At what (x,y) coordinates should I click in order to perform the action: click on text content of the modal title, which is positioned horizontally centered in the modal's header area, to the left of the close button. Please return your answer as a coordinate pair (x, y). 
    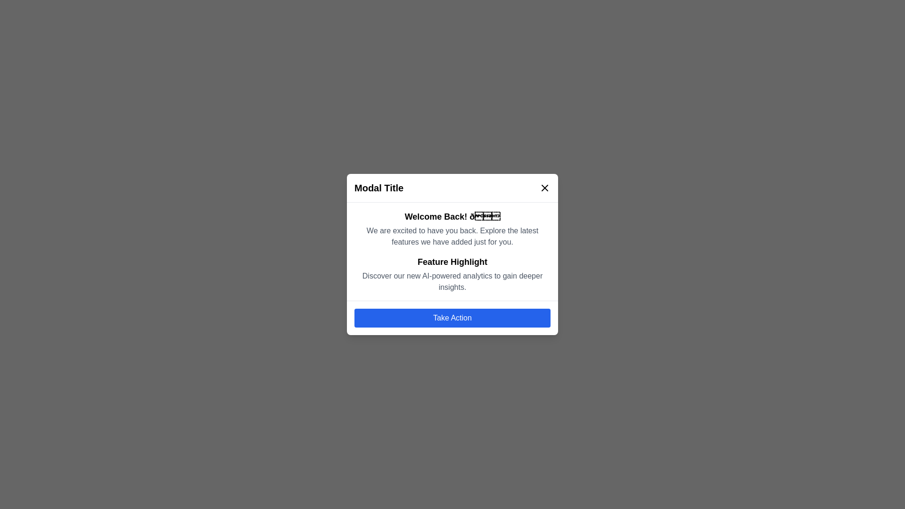
    Looking at the image, I should click on (379, 188).